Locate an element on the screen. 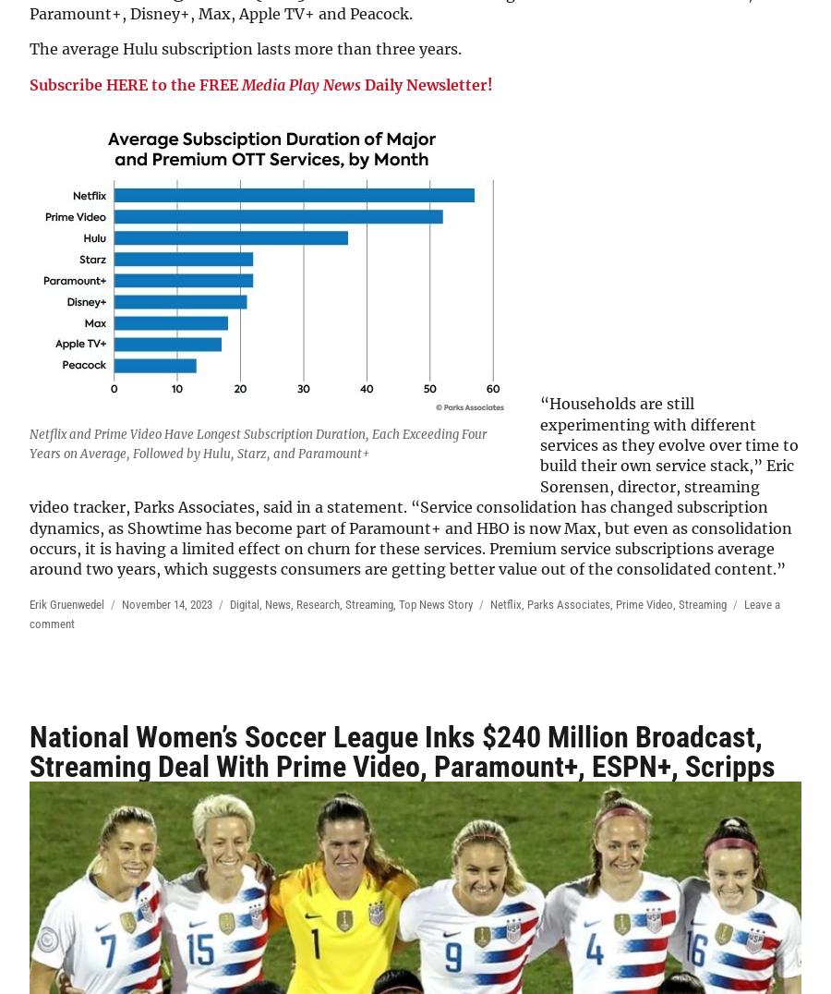 Image resolution: width=831 pixels, height=994 pixels. 'Media Play News' is located at coordinates (240, 83).